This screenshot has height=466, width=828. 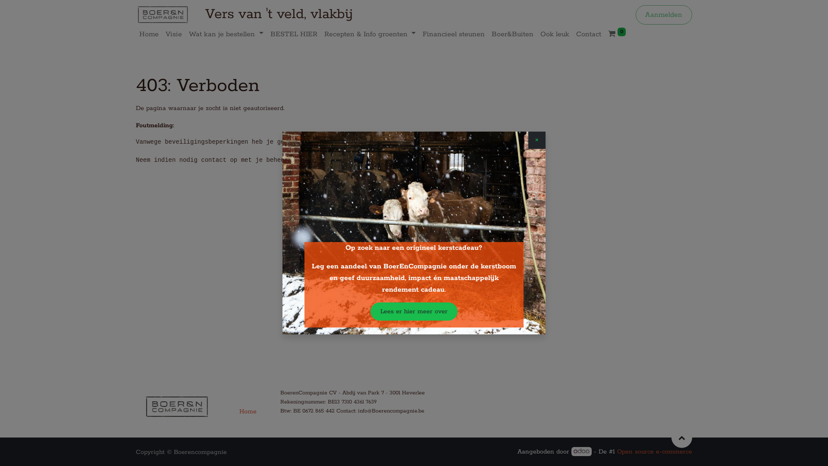 What do you see at coordinates (616, 34) in the screenshot?
I see `'0'` at bounding box center [616, 34].